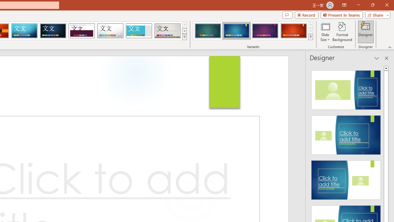 The height and width of the screenshot is (222, 394). Describe the element at coordinates (386, 5) in the screenshot. I see `'Close'` at that location.